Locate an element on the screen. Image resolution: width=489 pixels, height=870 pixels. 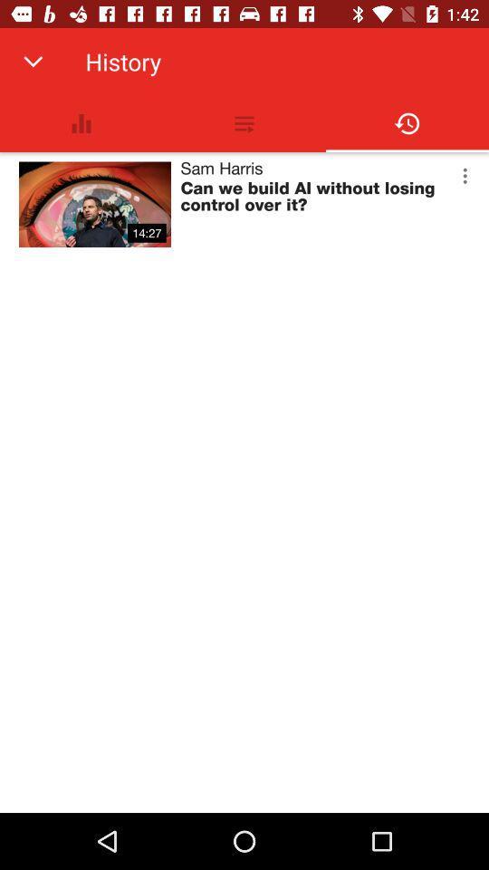
the icon to the right of the sam harris item is located at coordinates (465, 176).